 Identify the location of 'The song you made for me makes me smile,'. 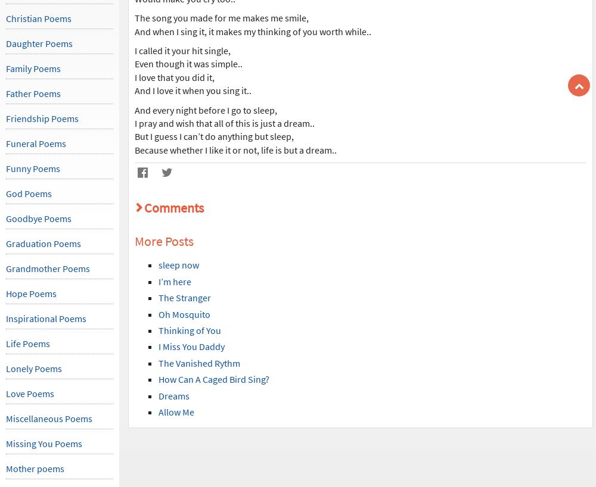
(221, 17).